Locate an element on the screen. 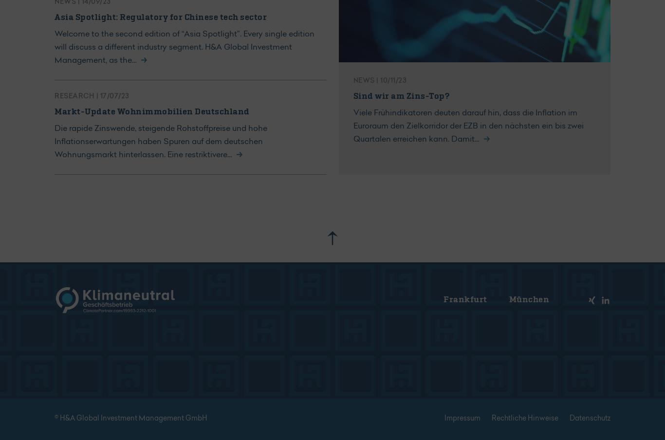 The image size is (665, 440). 'Markt-Update Wohnimmobilien Deutschland' is located at coordinates (151, 111).